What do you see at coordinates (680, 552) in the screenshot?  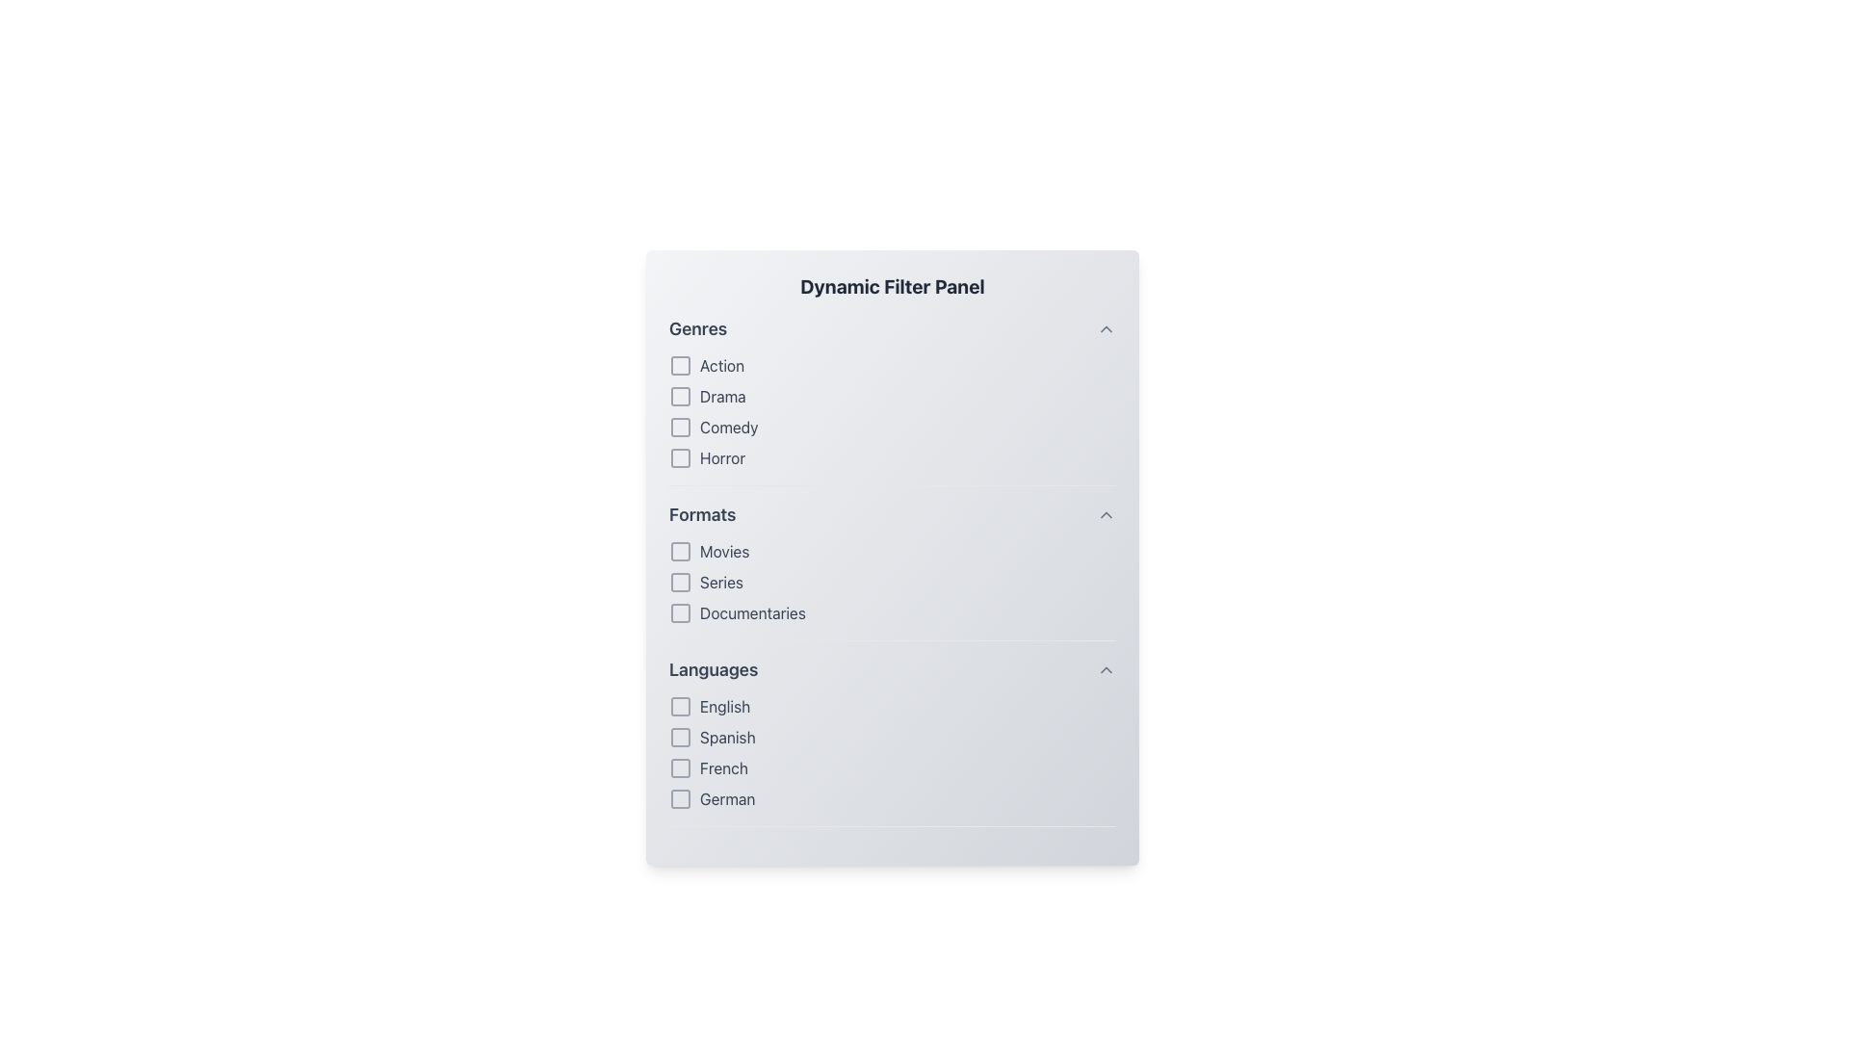 I see `the small, gray checkbox icon located in the 'Formats' section of the filter panel, beneath the 'Movies' label` at bounding box center [680, 552].